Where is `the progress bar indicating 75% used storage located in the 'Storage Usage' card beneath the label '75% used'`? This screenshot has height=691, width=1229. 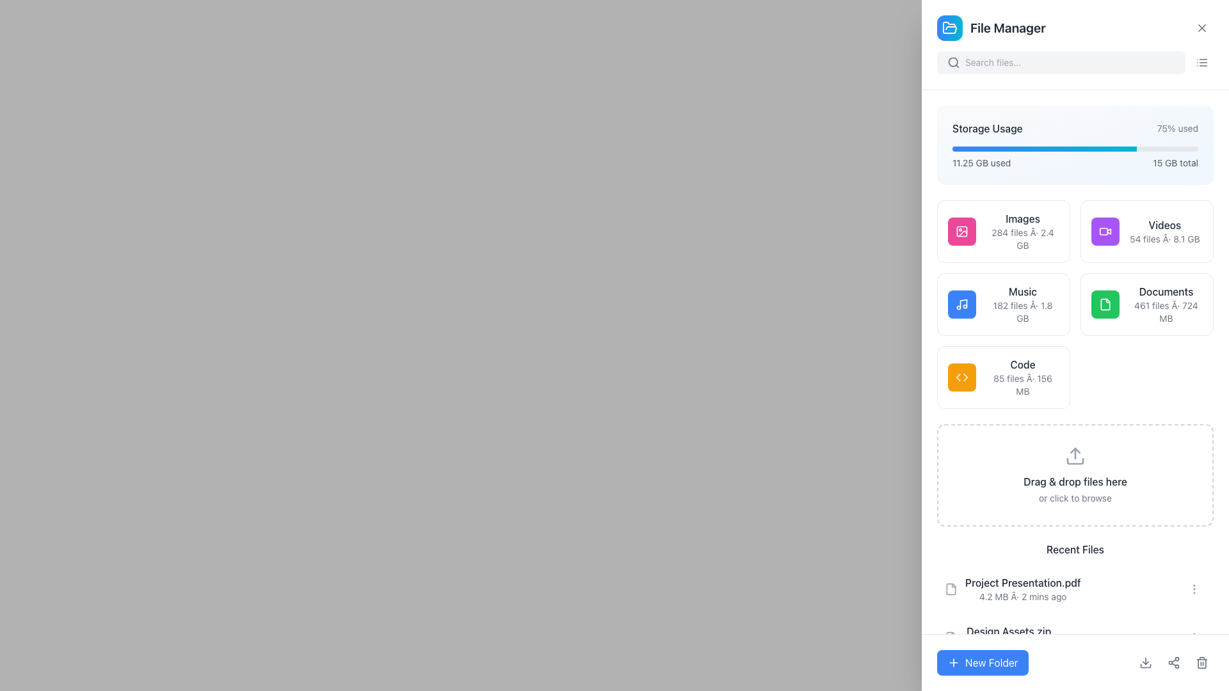 the progress bar indicating 75% used storage located in the 'Storage Usage' card beneath the label '75% used' is located at coordinates (1075, 148).